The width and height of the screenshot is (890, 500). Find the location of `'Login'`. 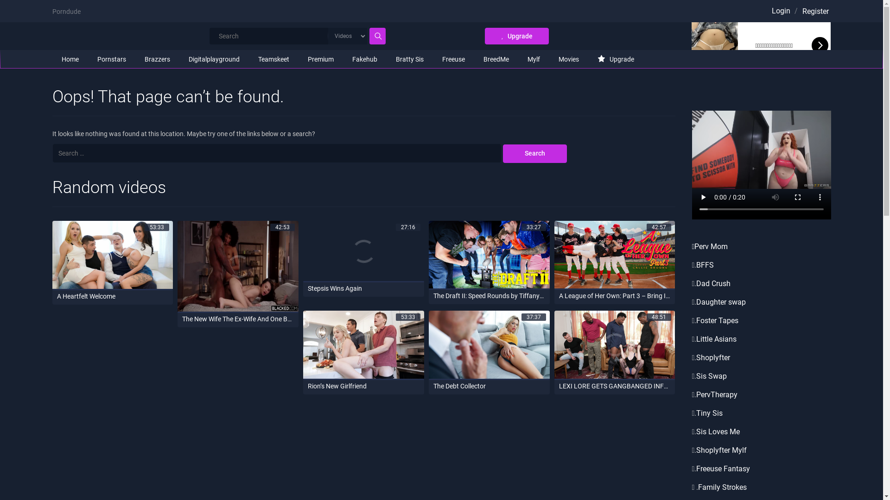

'Login' is located at coordinates (780, 11).